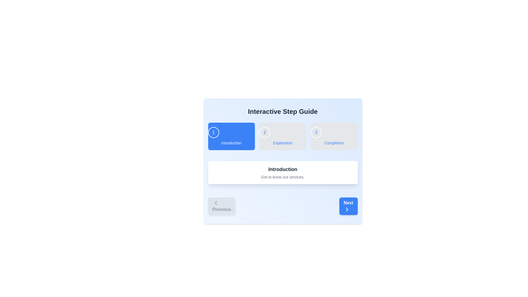 This screenshot has height=297, width=528. Describe the element at coordinates (222, 206) in the screenshot. I see `the 'Previous' button, which is a rectangular button with rounded corners, styled with a gray background and gray text, located at the bottom left of the panel` at that location.